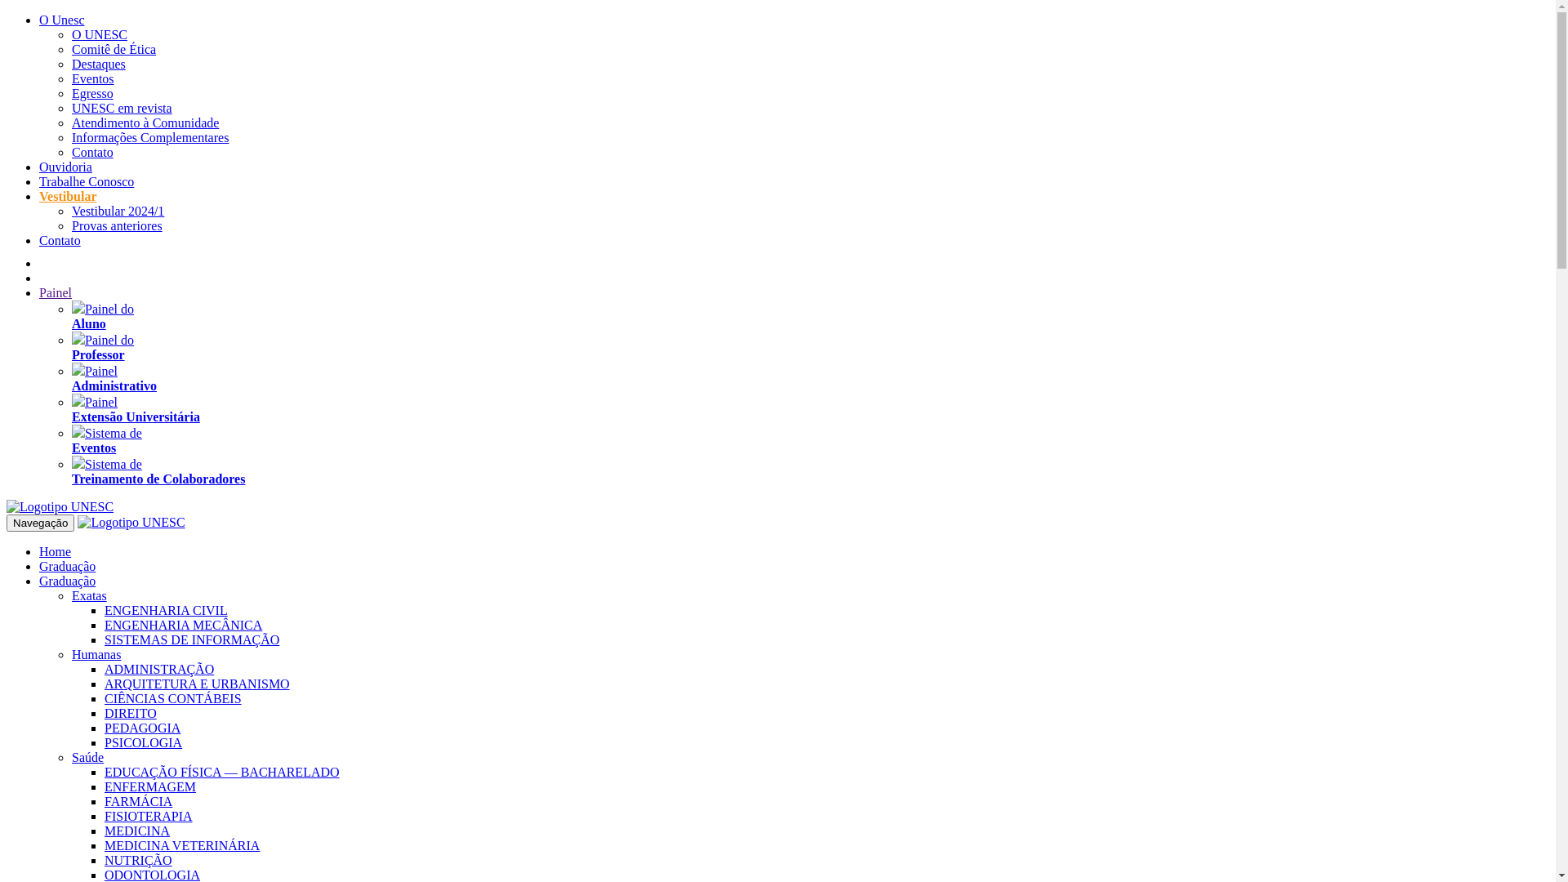  Describe the element at coordinates (70, 595) in the screenshot. I see `'Exatas'` at that location.